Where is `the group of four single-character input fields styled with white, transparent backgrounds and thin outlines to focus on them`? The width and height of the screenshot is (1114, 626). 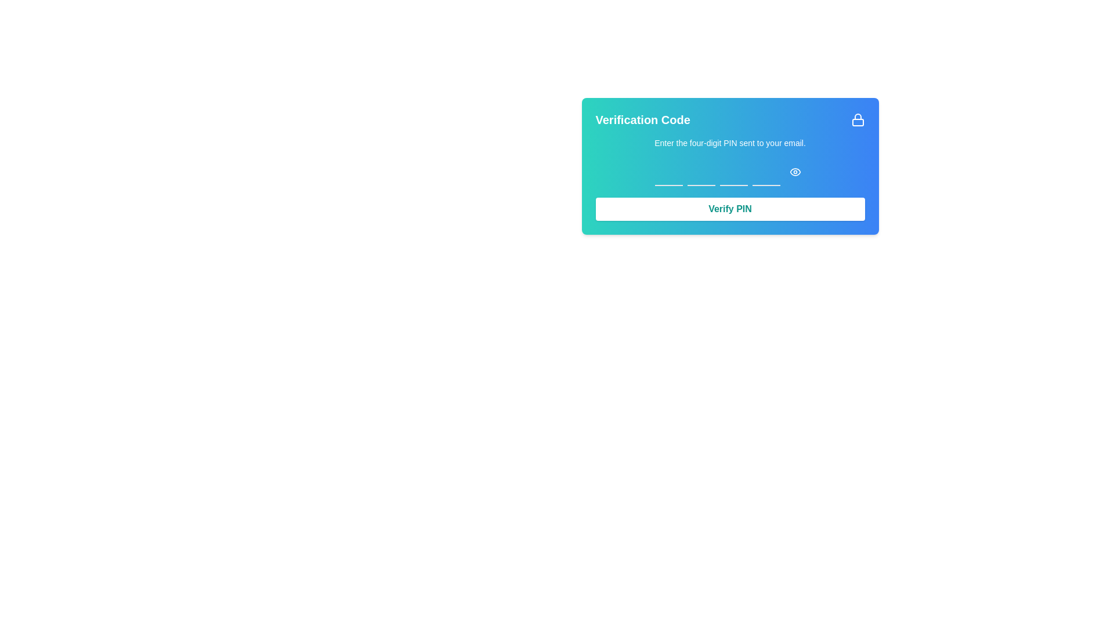
the group of four single-character input fields styled with white, transparent backgrounds and thin outlines to focus on them is located at coordinates (729, 172).